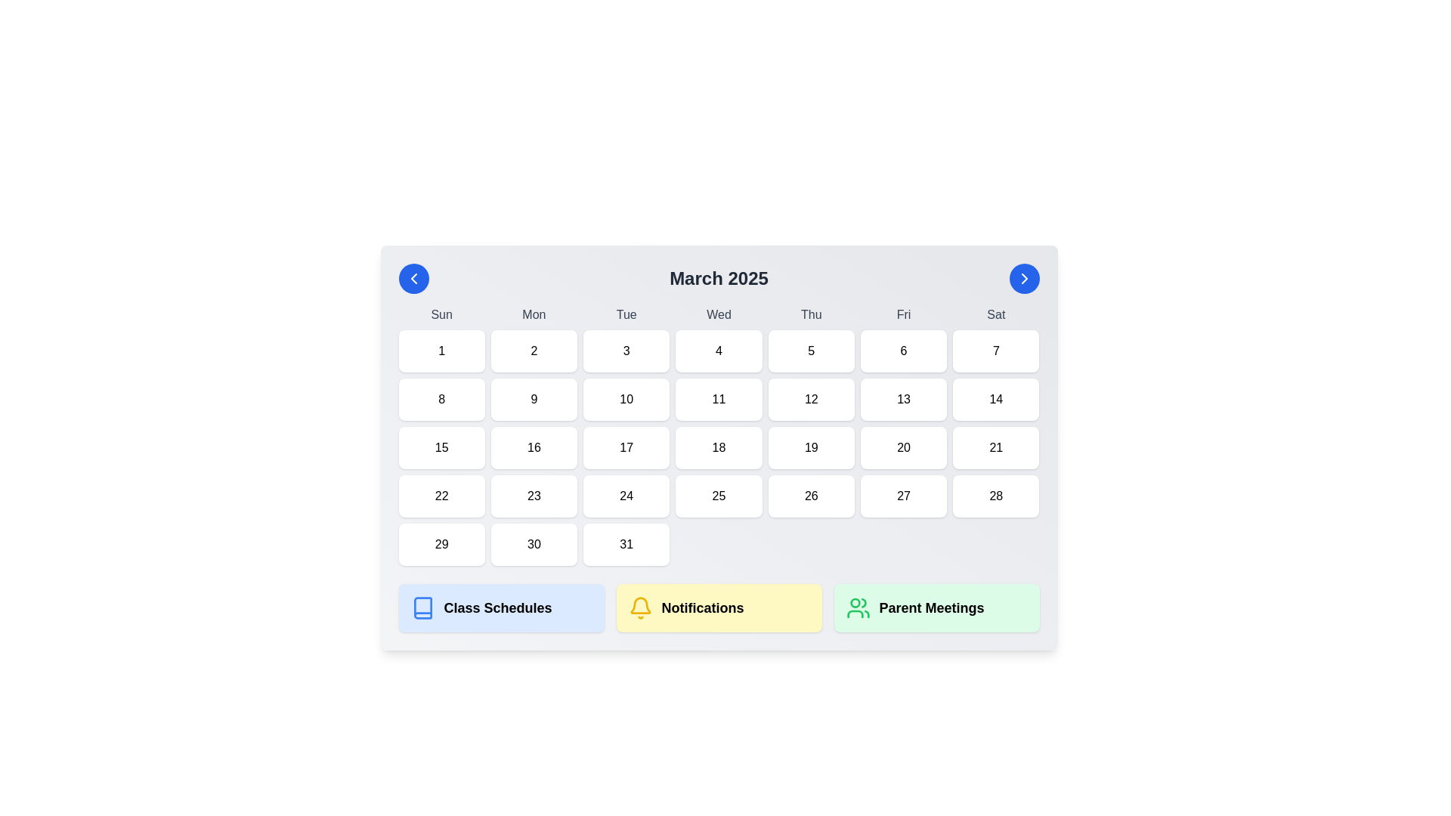 The height and width of the screenshot is (816, 1451). Describe the element at coordinates (718, 398) in the screenshot. I see `the Calendar date cell representing the day '11' located in the third row and fourth column of the calendar interface` at that location.